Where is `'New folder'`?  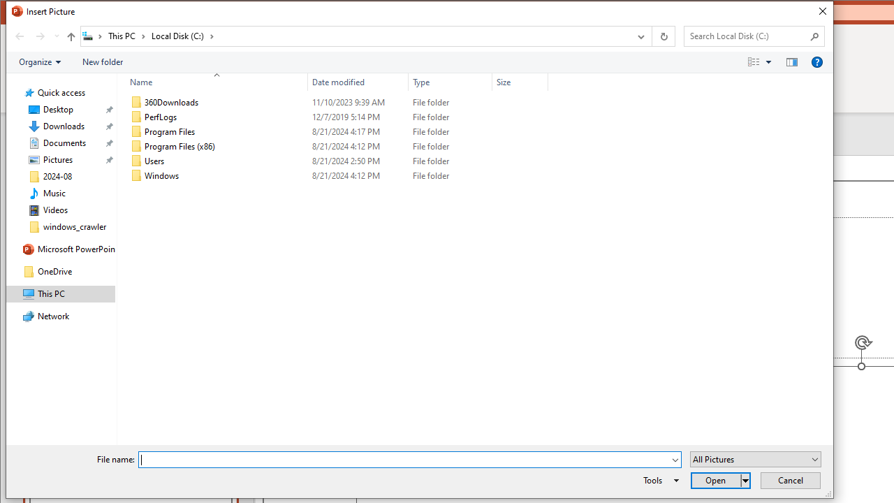 'New folder' is located at coordinates (101, 61).